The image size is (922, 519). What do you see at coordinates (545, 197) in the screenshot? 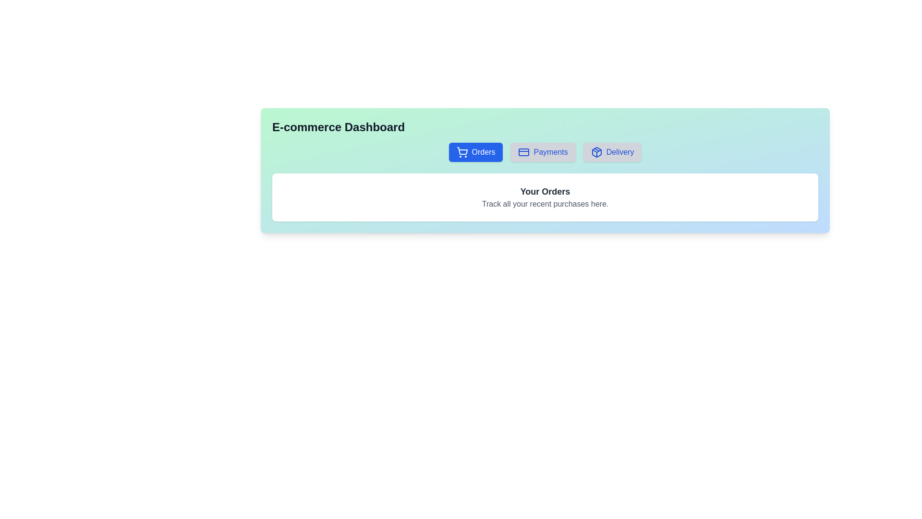
I see `the informational text block labeled 'Your Orders' which provides a description about tracking recent purchases` at bounding box center [545, 197].